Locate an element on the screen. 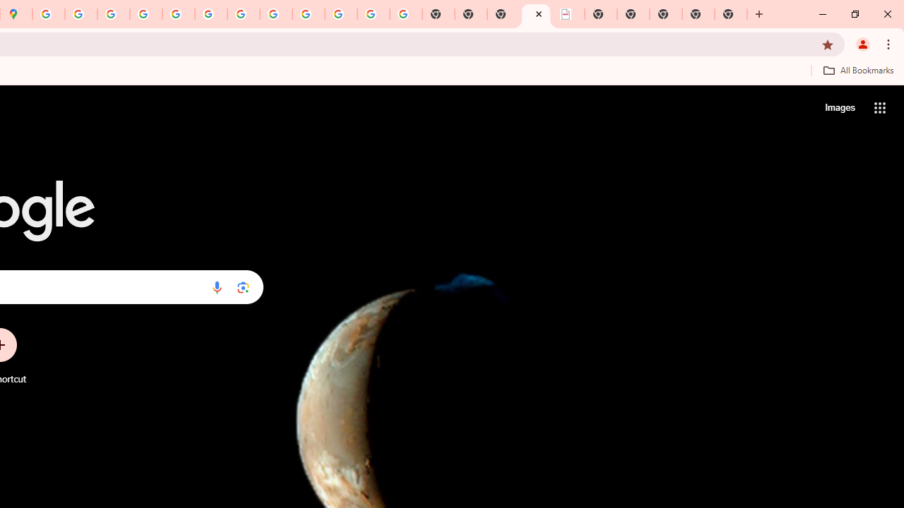  'Privacy Help Center - Policies Help' is located at coordinates (114, 14).